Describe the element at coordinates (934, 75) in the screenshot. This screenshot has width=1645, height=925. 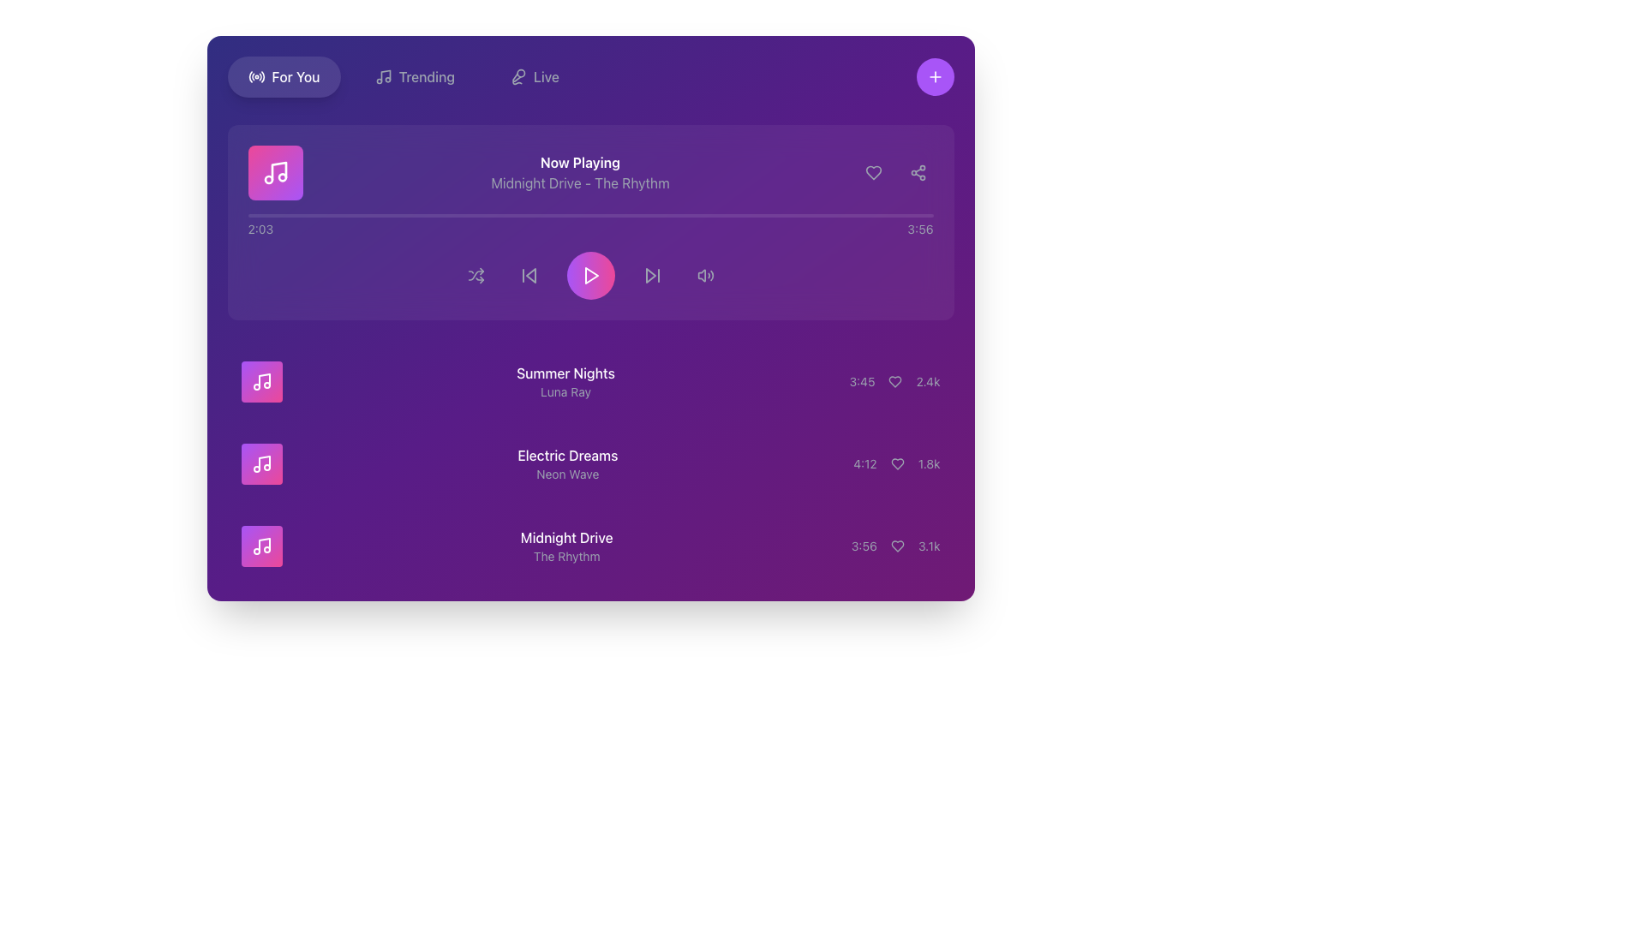
I see `the circular purple button with a white plus symbol located at the top-right corner of the music information panel` at that location.